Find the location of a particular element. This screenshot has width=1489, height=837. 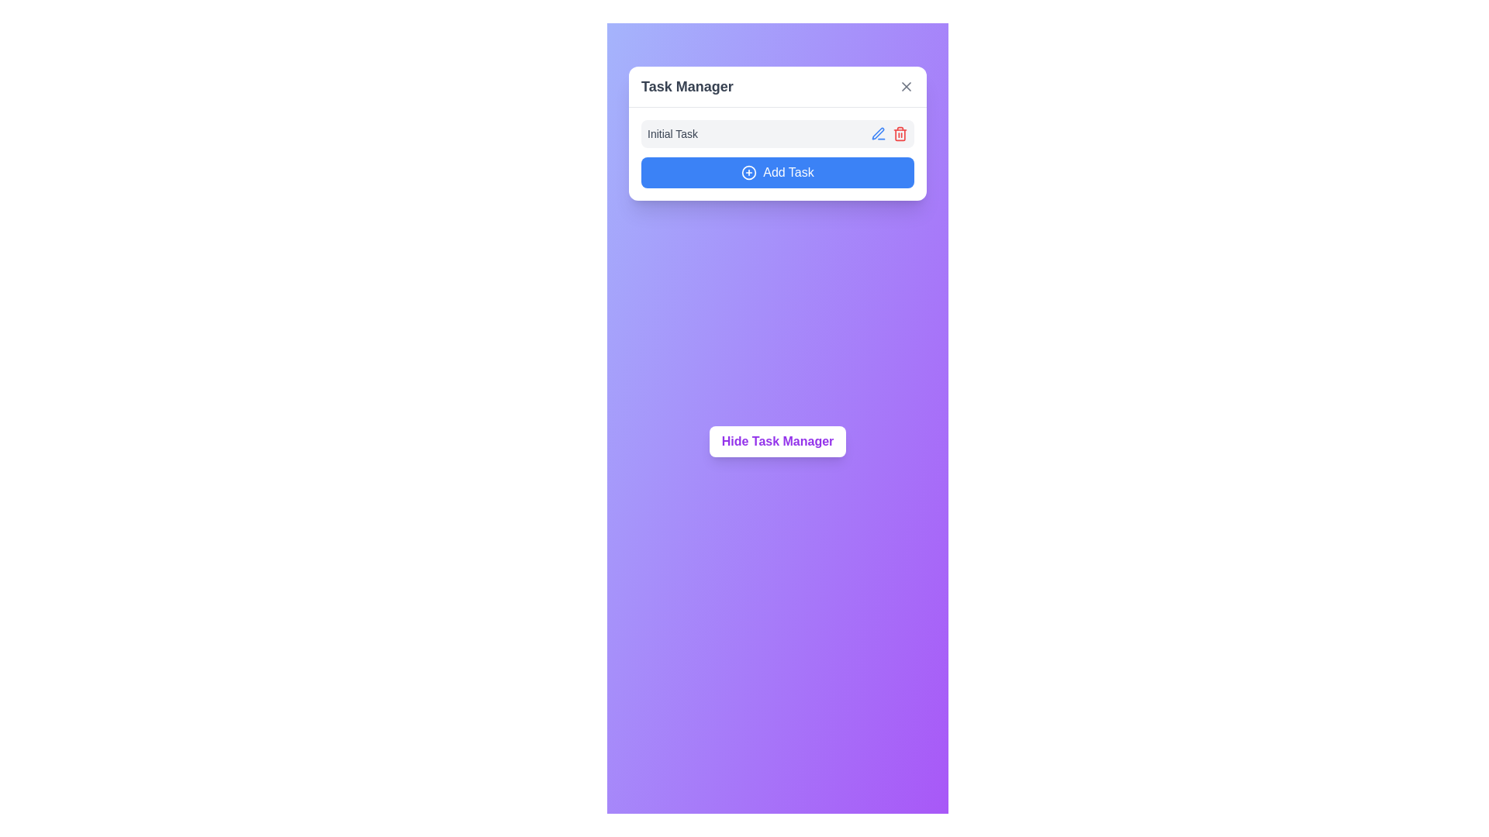

the edit icon resembling a pen, styled in blue, located next to the task name 'Initial Task' in the task manager interface is located at coordinates (878, 133).